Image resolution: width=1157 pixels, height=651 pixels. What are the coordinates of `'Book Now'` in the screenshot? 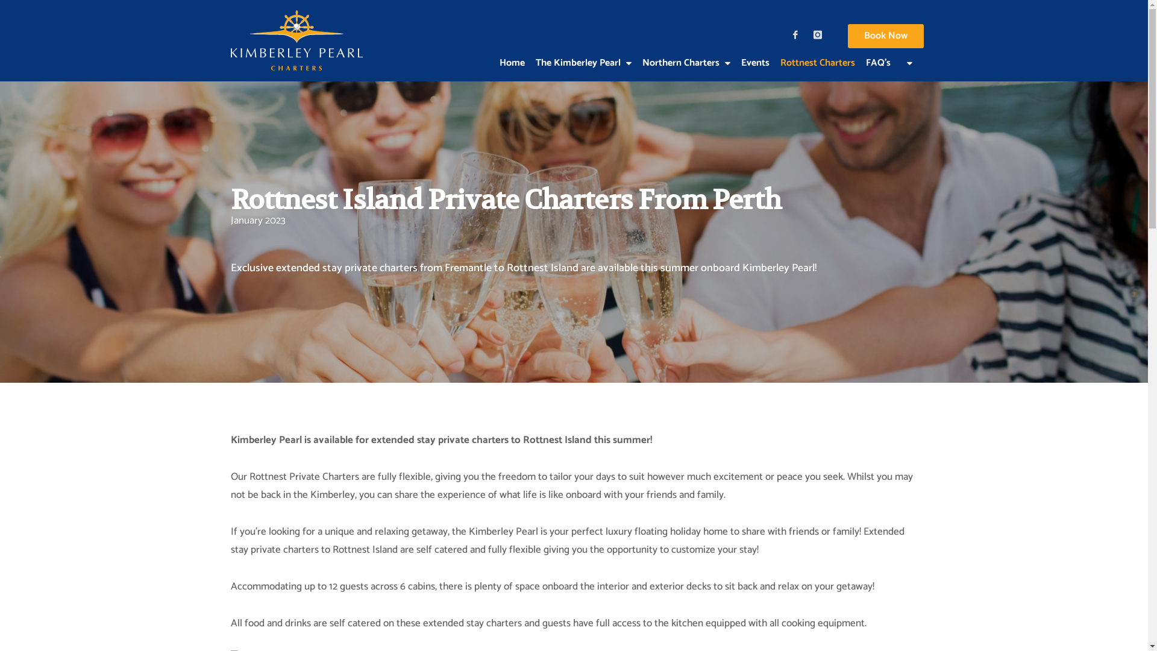 It's located at (885, 36).